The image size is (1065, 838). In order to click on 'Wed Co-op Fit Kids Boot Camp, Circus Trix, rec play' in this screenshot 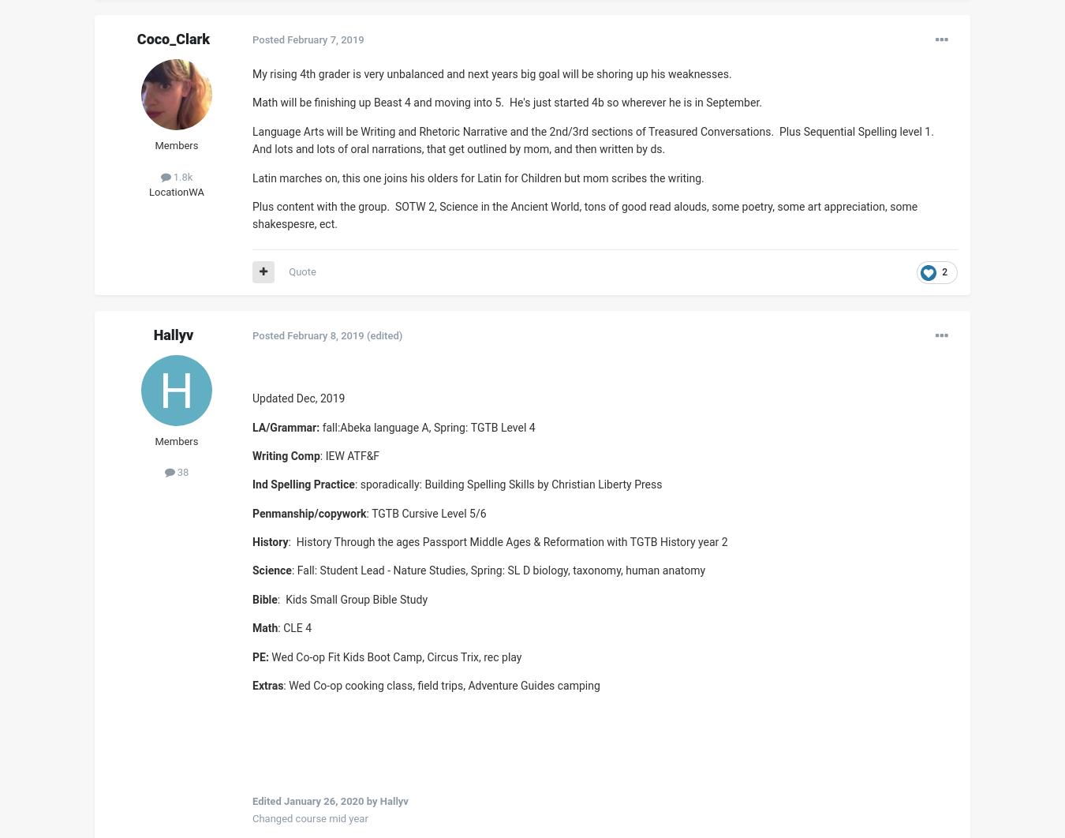, I will do `click(394, 655)`.